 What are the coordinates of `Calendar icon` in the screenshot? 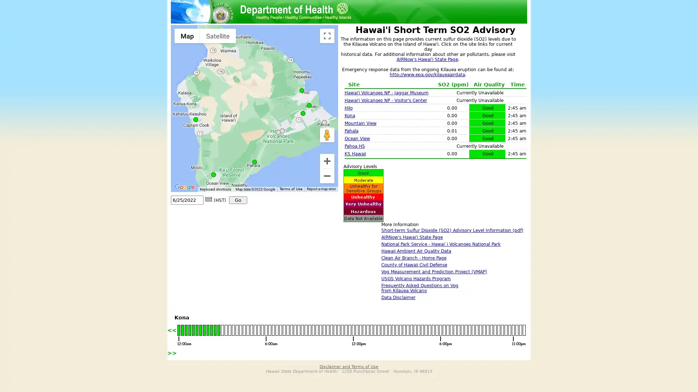 It's located at (208, 199).